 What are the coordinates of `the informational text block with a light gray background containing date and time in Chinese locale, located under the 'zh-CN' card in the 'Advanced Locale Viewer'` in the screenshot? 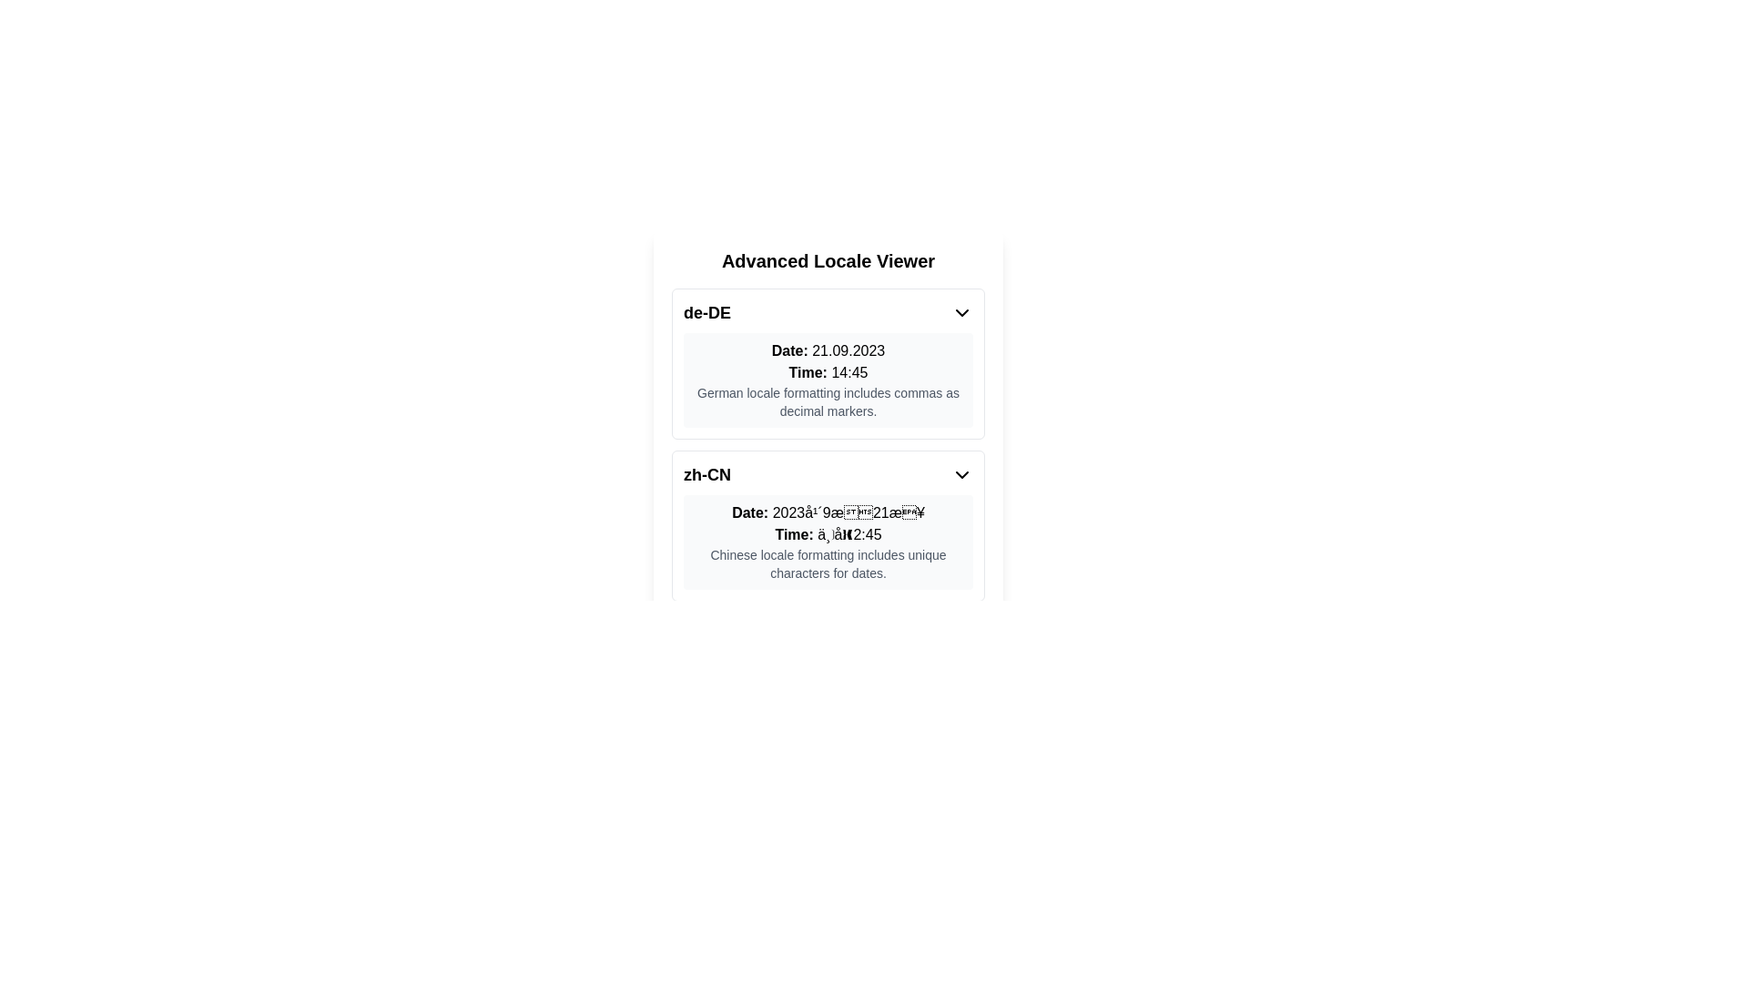 It's located at (828, 542).